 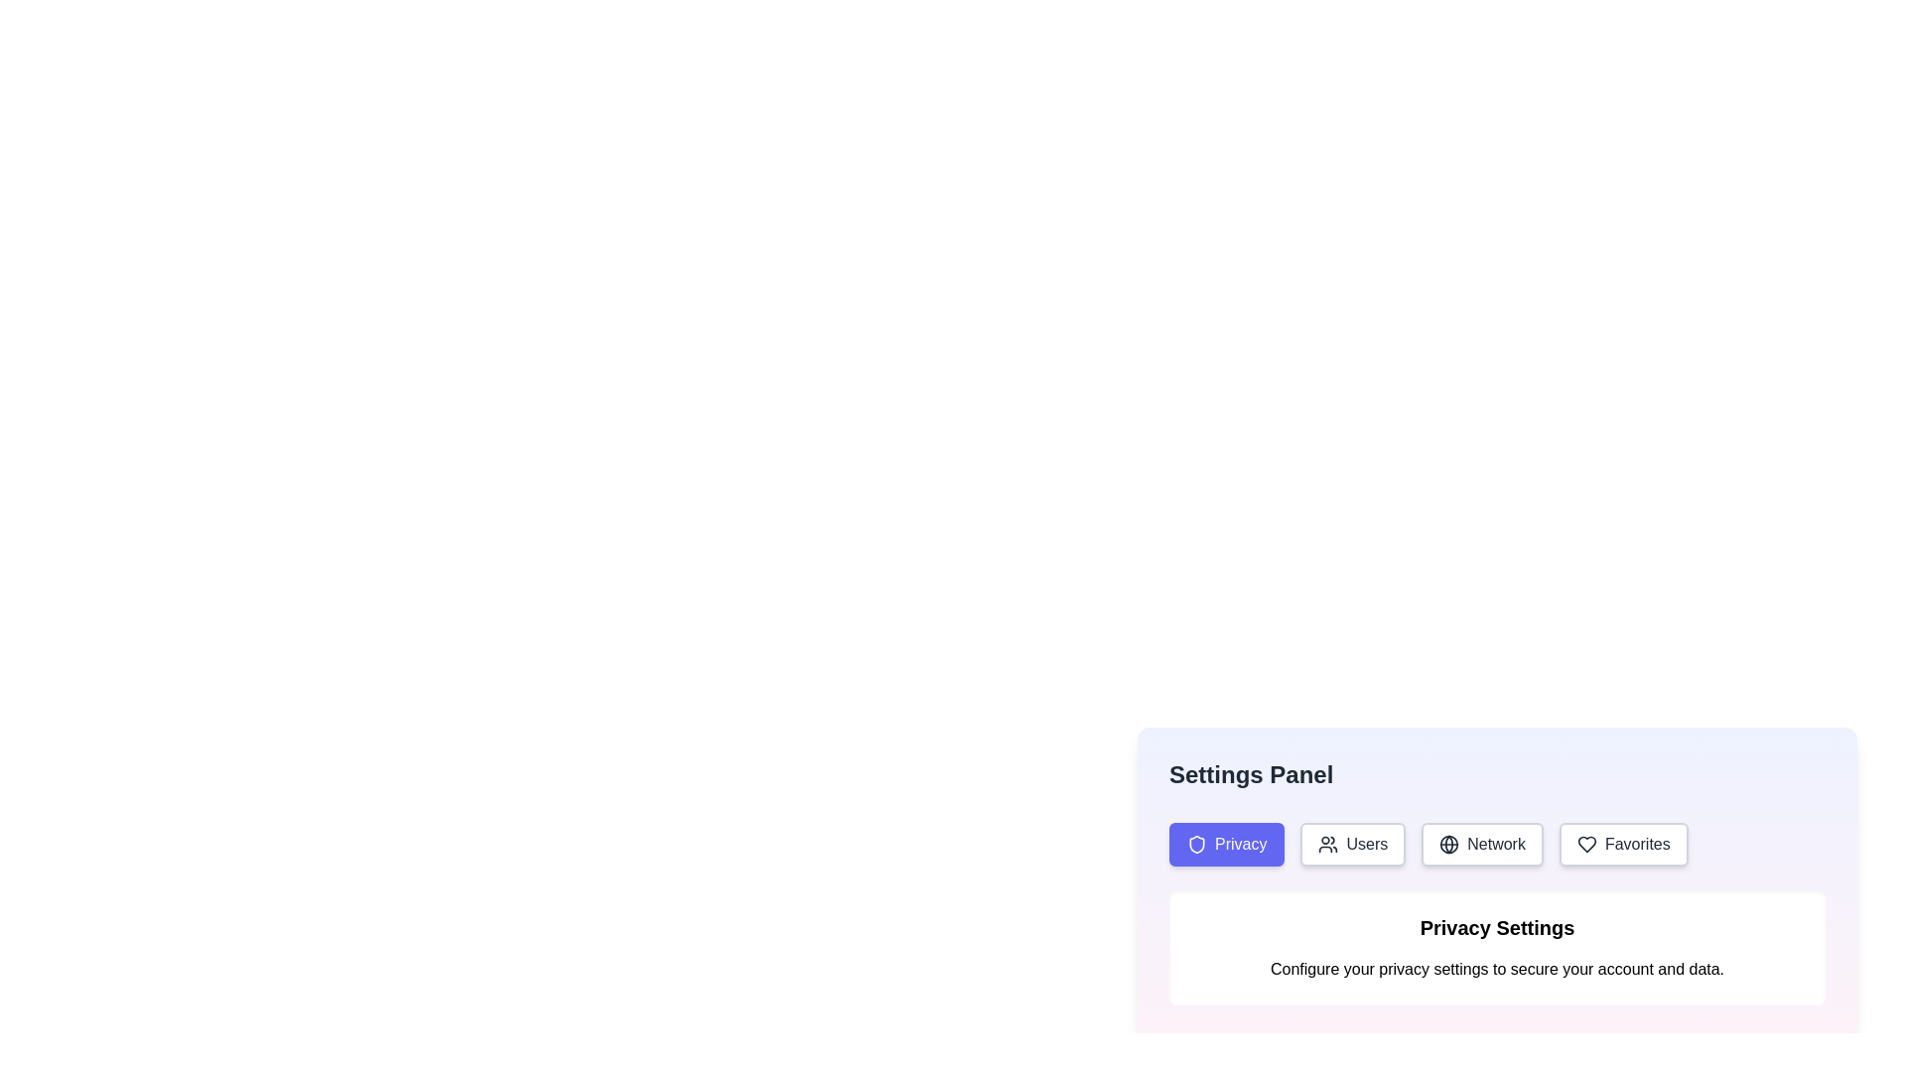 I want to click on the button labeled for managing favorite items, located in the top-right section of the UI, which is the fourth button in a horizontal list and features a heart icon to its left, so click(x=1637, y=845).